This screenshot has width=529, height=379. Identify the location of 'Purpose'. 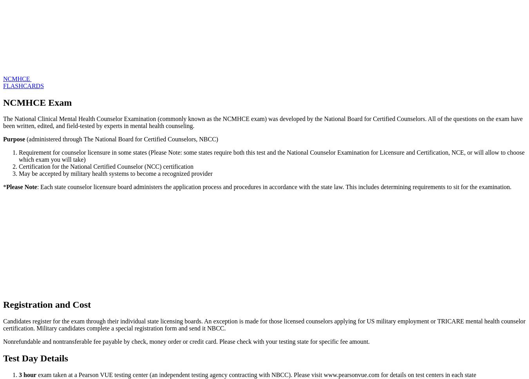
(14, 139).